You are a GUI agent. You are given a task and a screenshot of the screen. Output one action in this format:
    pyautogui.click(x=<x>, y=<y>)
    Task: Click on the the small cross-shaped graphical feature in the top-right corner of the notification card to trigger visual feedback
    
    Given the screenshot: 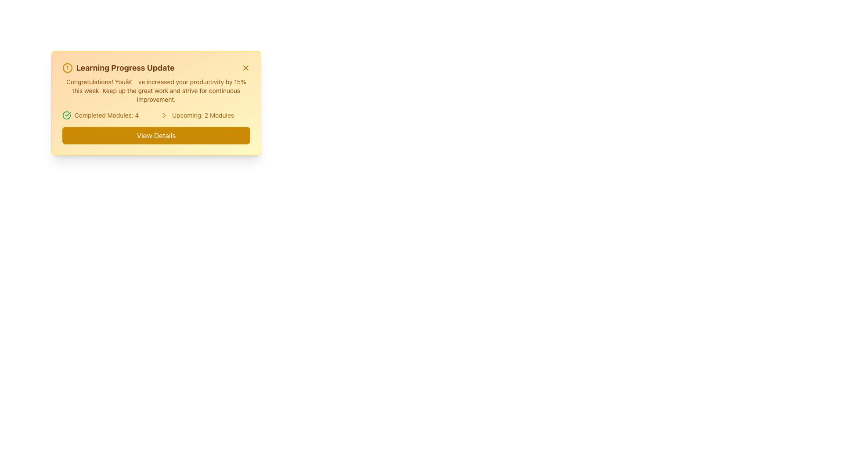 What is the action you would take?
    pyautogui.click(x=246, y=67)
    